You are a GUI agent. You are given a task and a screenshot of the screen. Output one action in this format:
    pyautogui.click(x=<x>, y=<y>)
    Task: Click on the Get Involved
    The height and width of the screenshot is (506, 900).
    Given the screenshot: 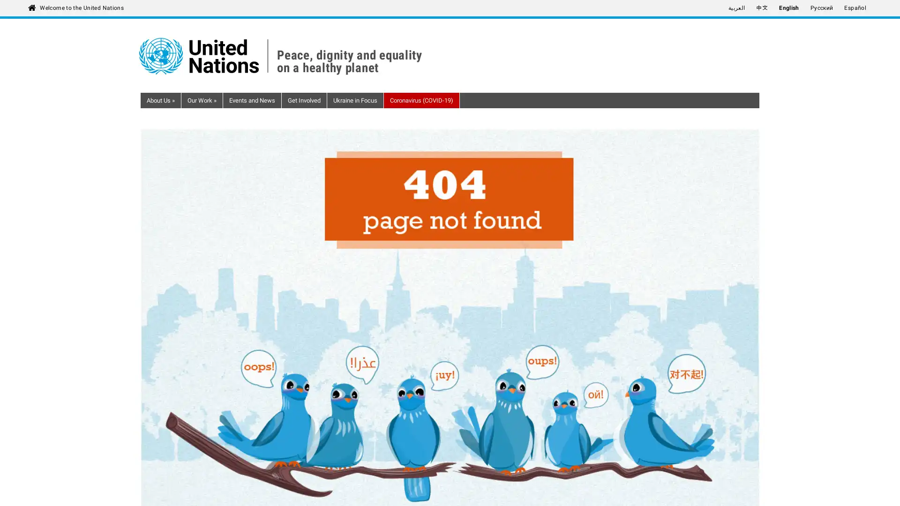 What is the action you would take?
    pyautogui.click(x=304, y=100)
    